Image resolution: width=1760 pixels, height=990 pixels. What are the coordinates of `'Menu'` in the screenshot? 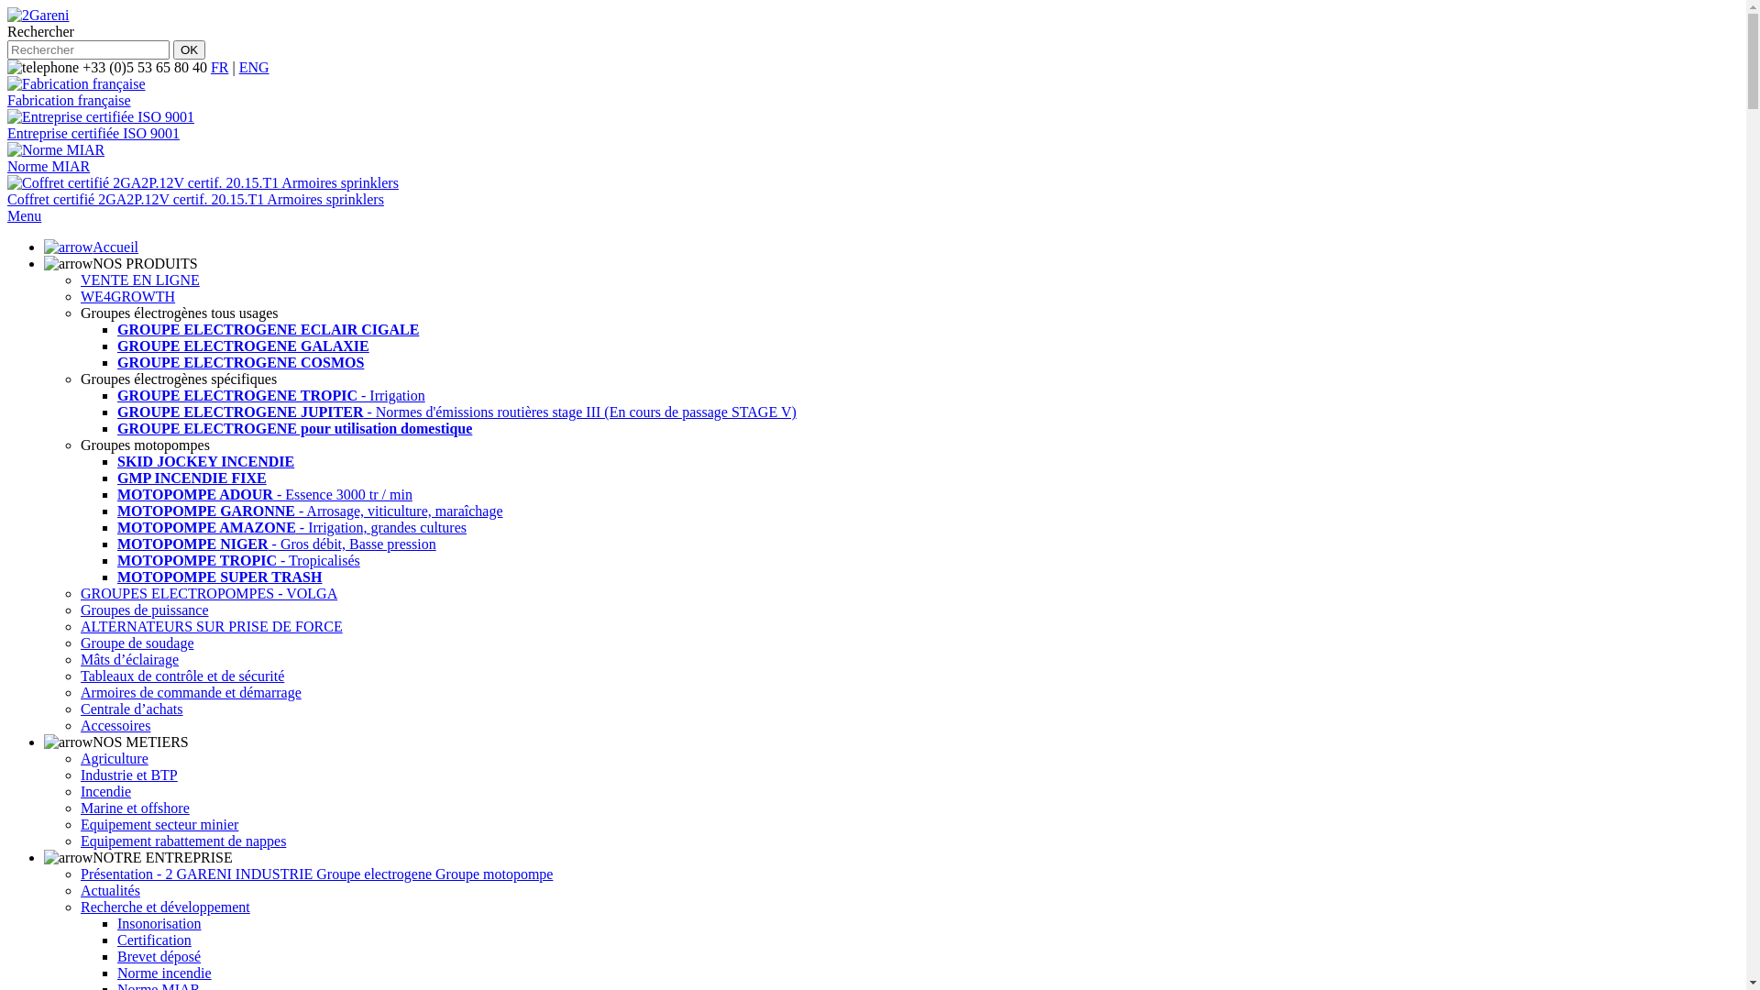 It's located at (24, 214).